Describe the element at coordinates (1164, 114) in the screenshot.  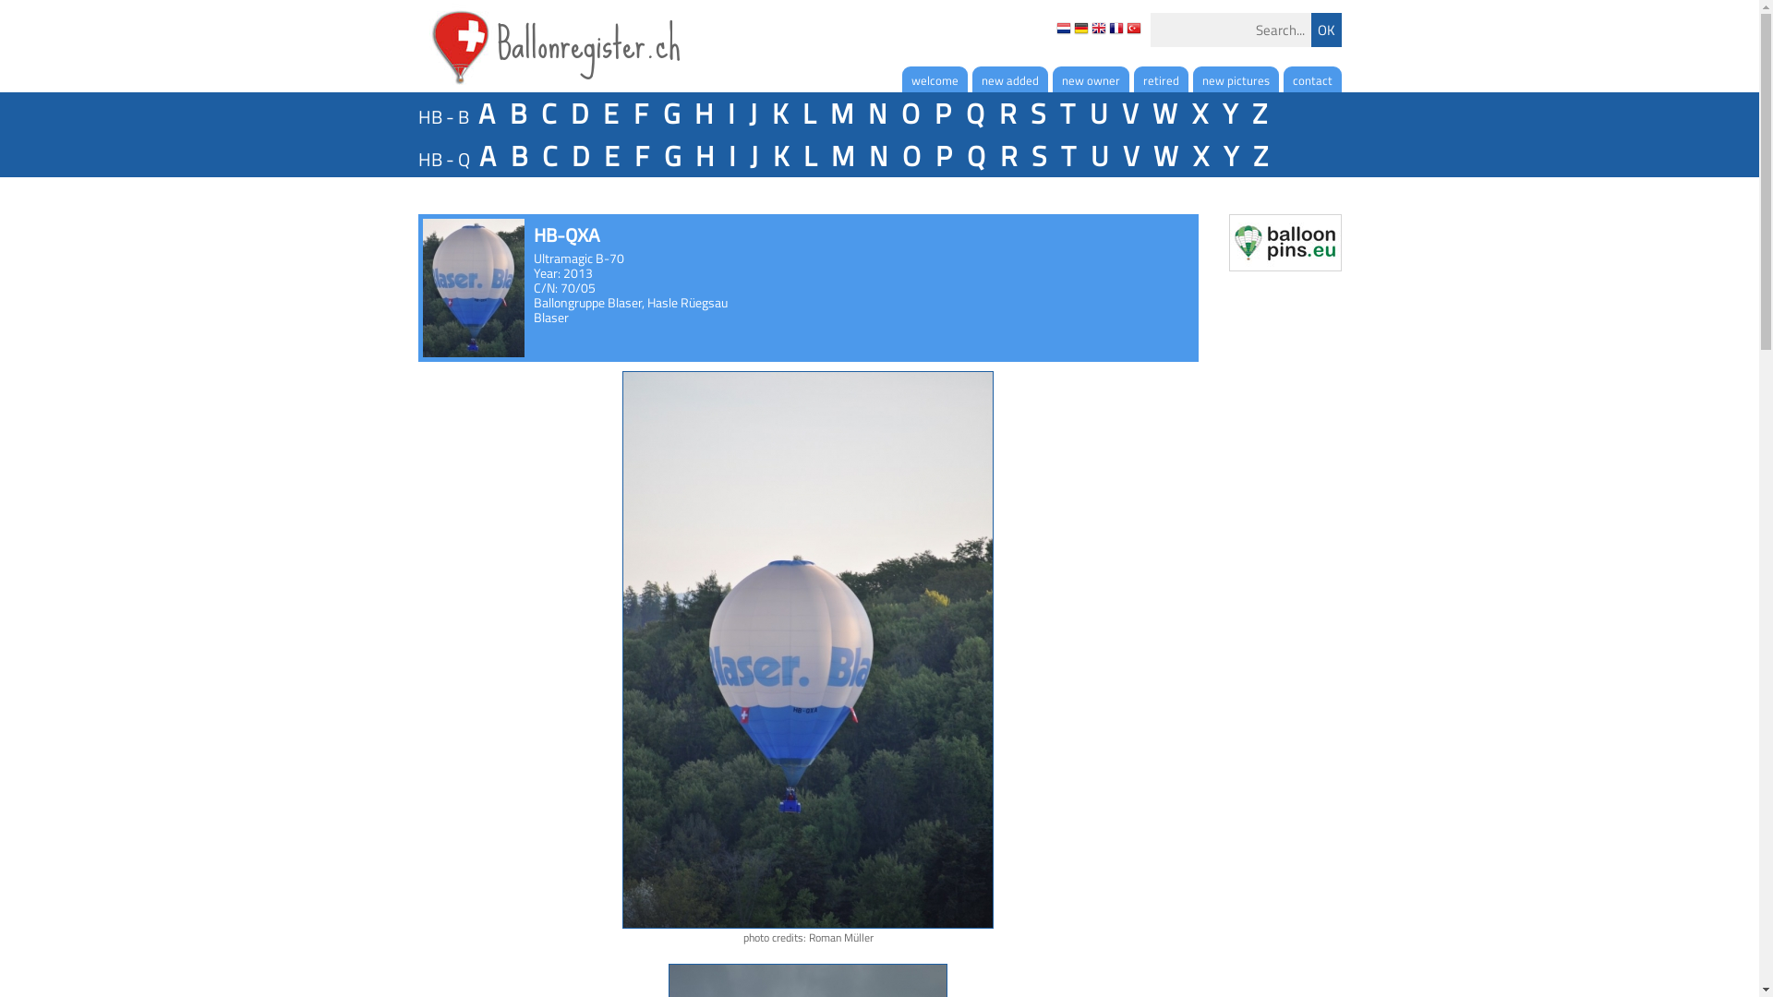
I see `'W'` at that location.